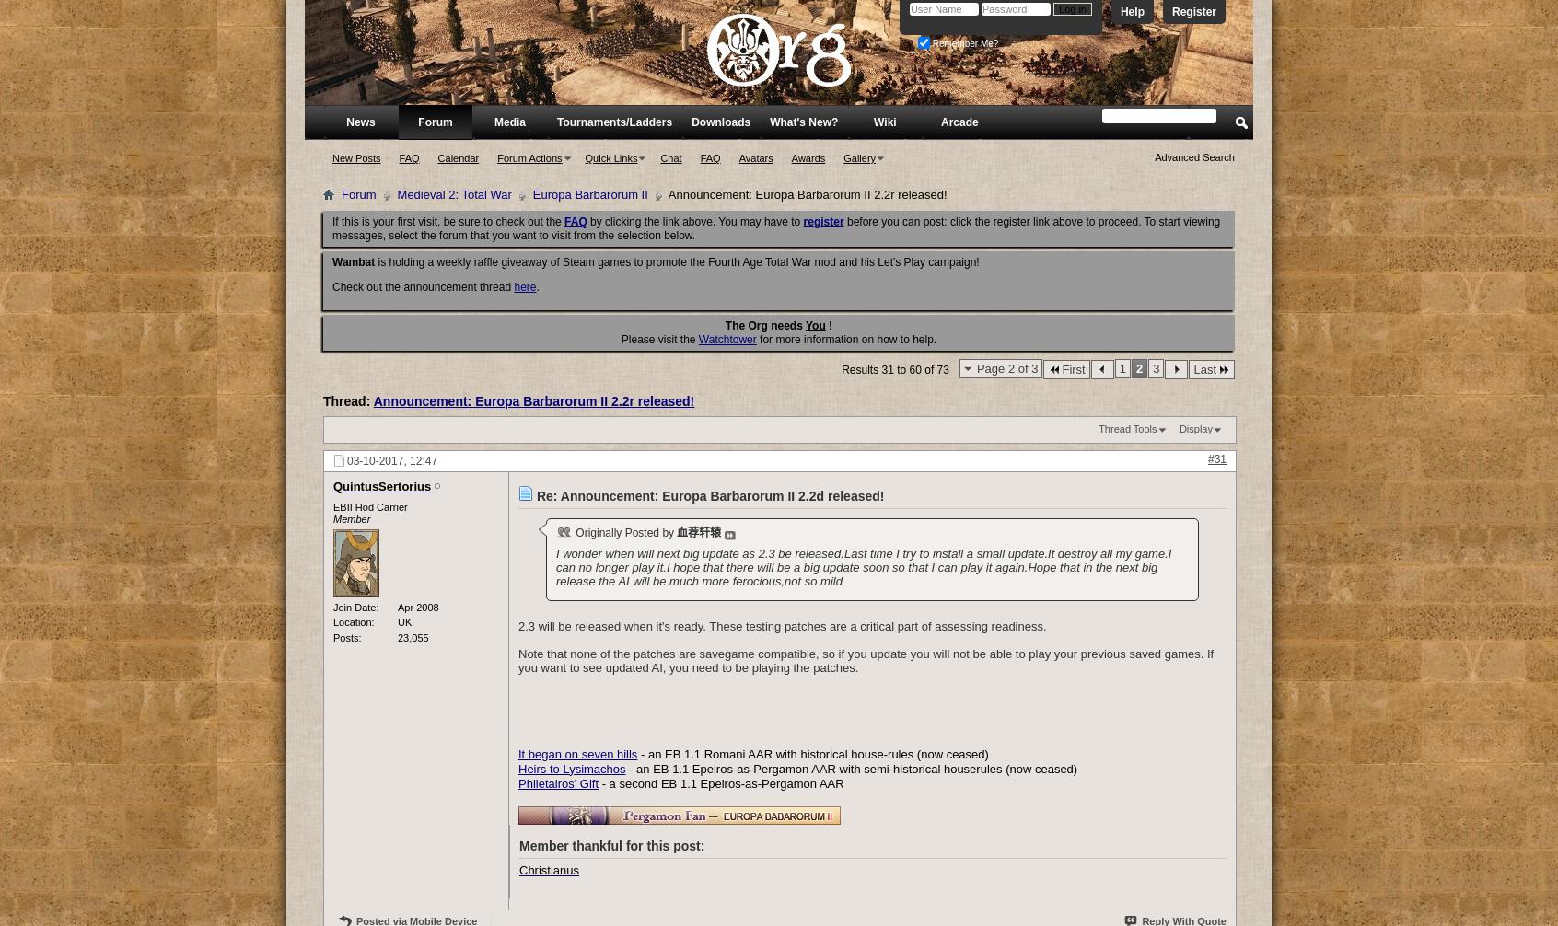 This screenshot has height=926, width=1558. Describe the element at coordinates (1154, 157) in the screenshot. I see `'Advanced Search'` at that location.